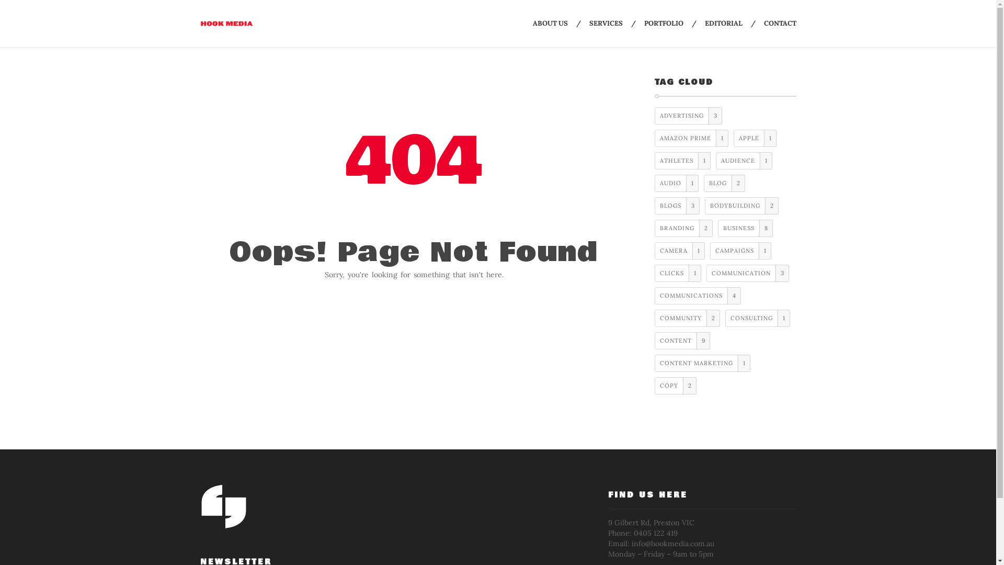 This screenshot has height=565, width=1004. Describe the element at coordinates (724, 183) in the screenshot. I see `'BLOG2'` at that location.